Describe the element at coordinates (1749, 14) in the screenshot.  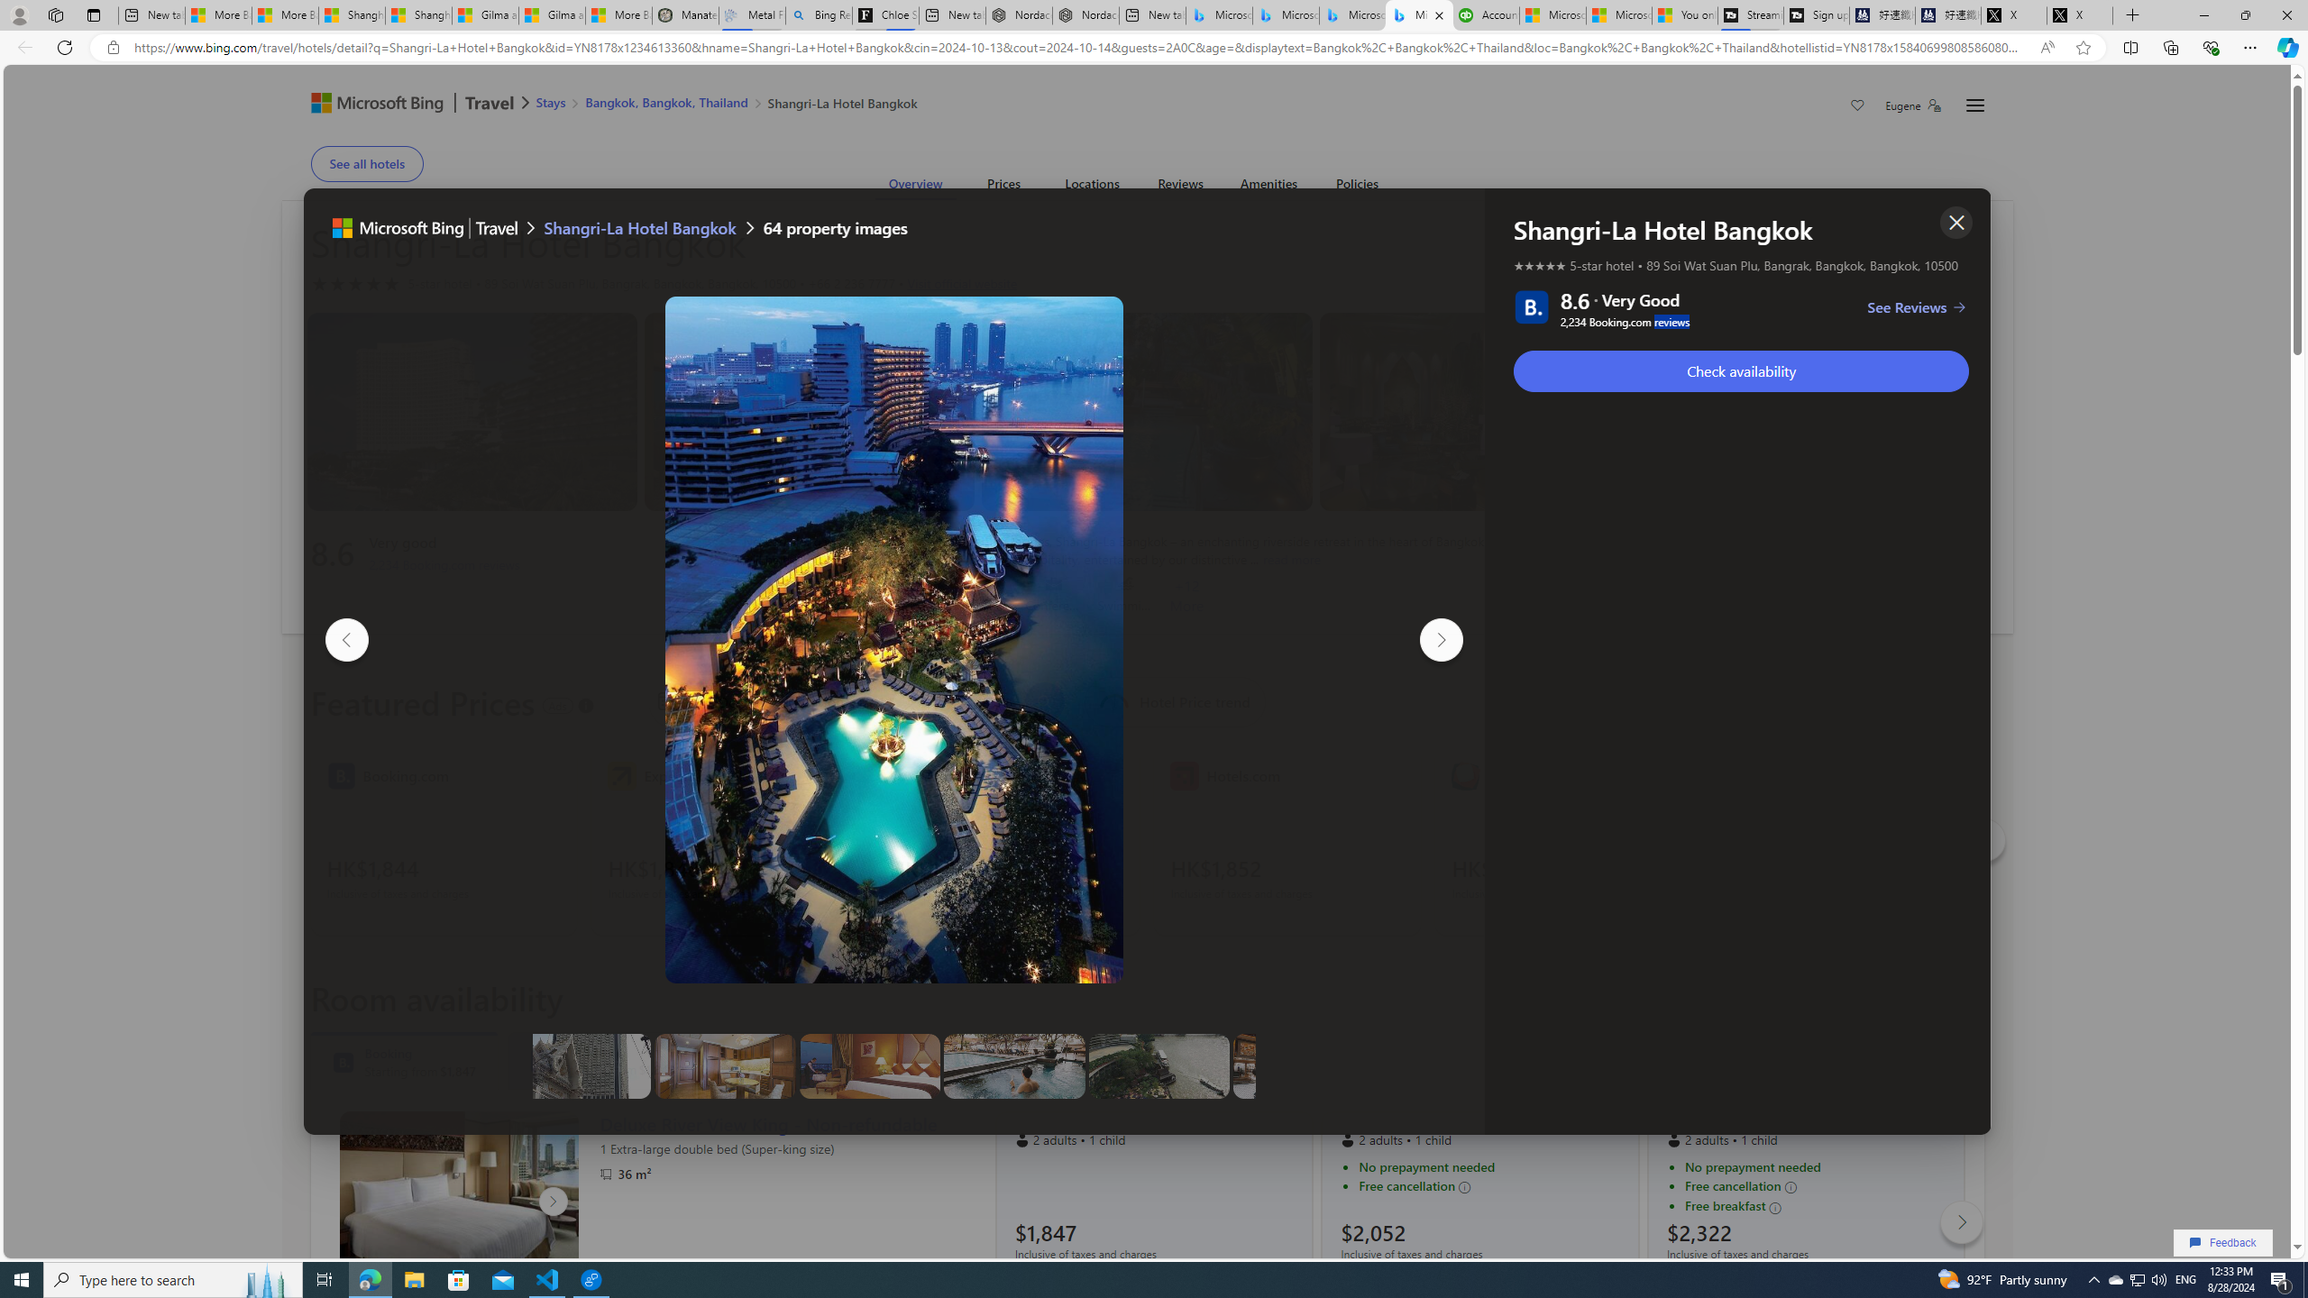
I see `'Streaming Coverage | T3'` at that location.